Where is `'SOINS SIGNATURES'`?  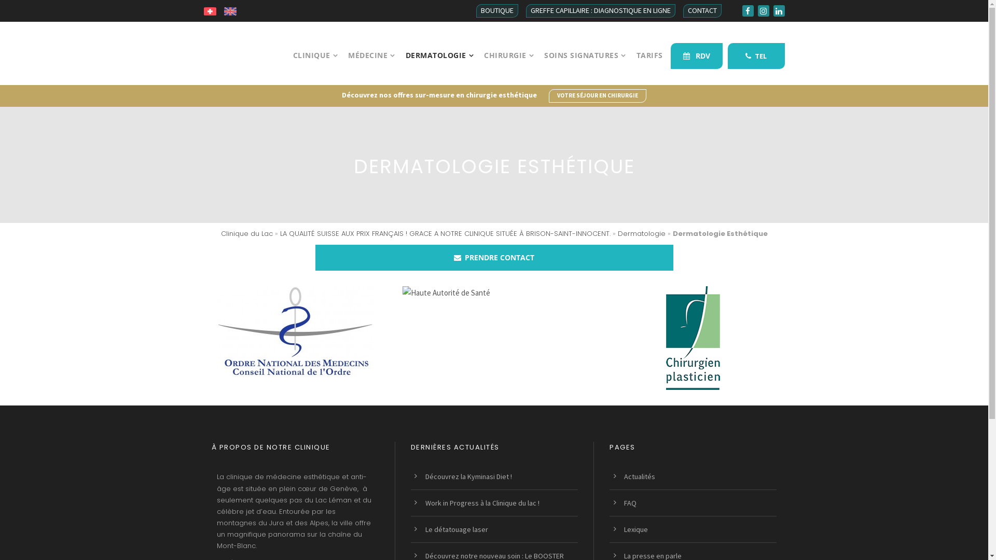
'SOINS SIGNATURES' is located at coordinates (585, 67).